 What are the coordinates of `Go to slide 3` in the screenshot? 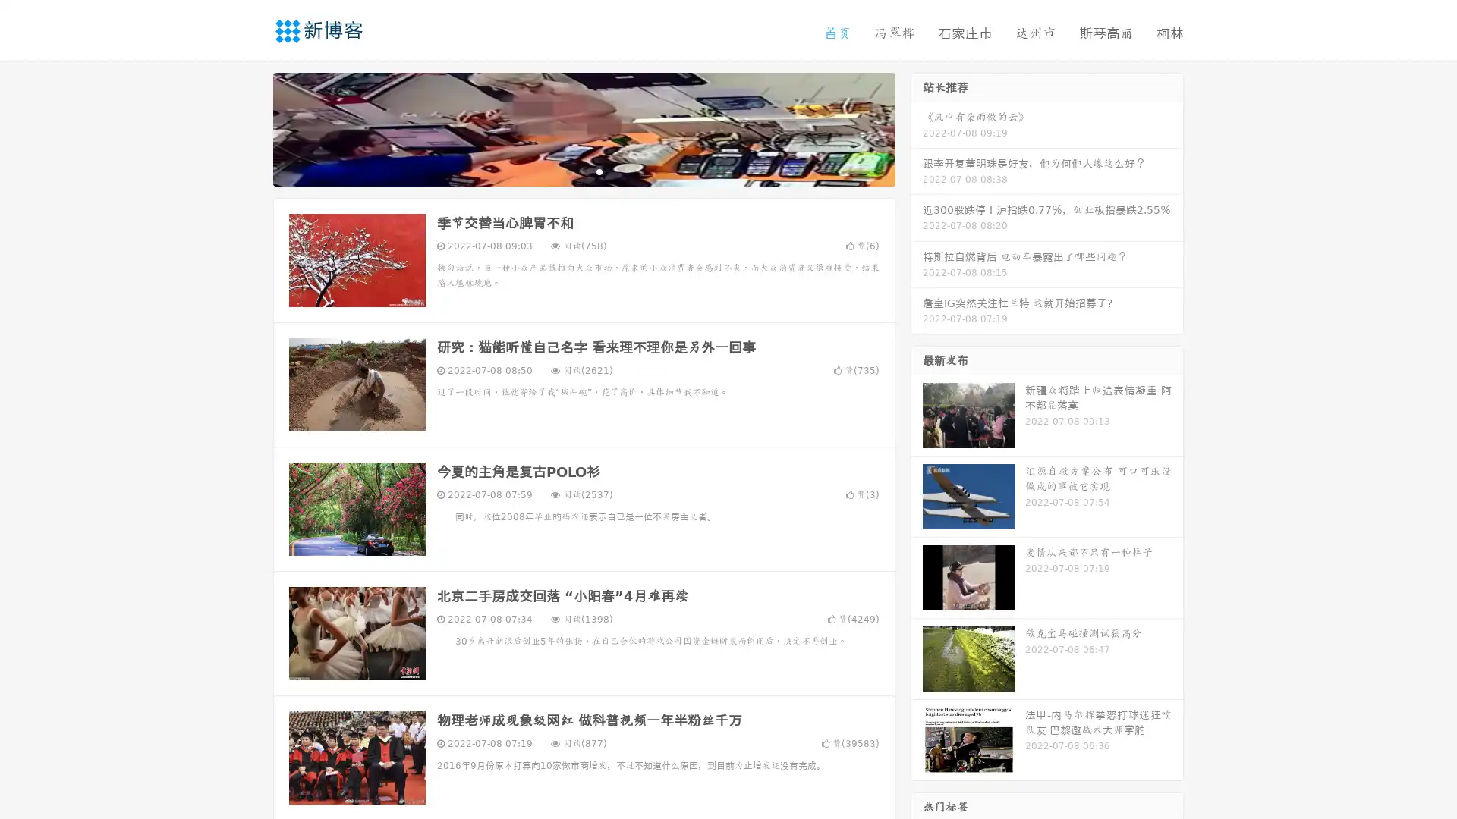 It's located at (599, 171).